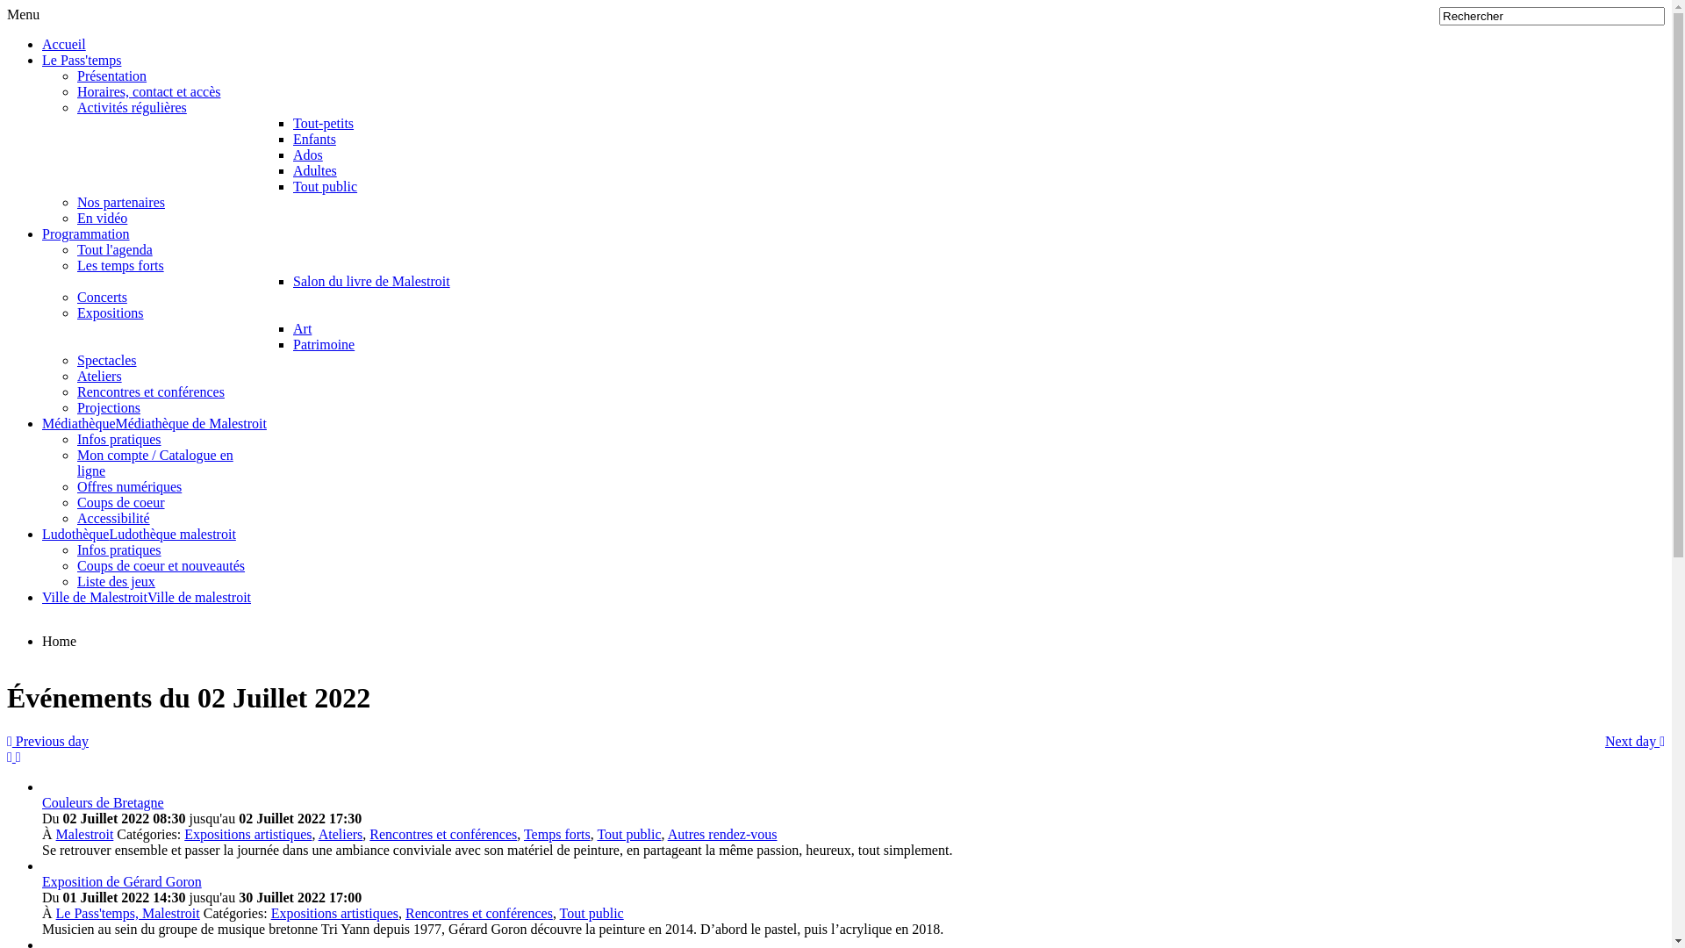  What do you see at coordinates (80, 59) in the screenshot?
I see `'Le Pass'temps'` at bounding box center [80, 59].